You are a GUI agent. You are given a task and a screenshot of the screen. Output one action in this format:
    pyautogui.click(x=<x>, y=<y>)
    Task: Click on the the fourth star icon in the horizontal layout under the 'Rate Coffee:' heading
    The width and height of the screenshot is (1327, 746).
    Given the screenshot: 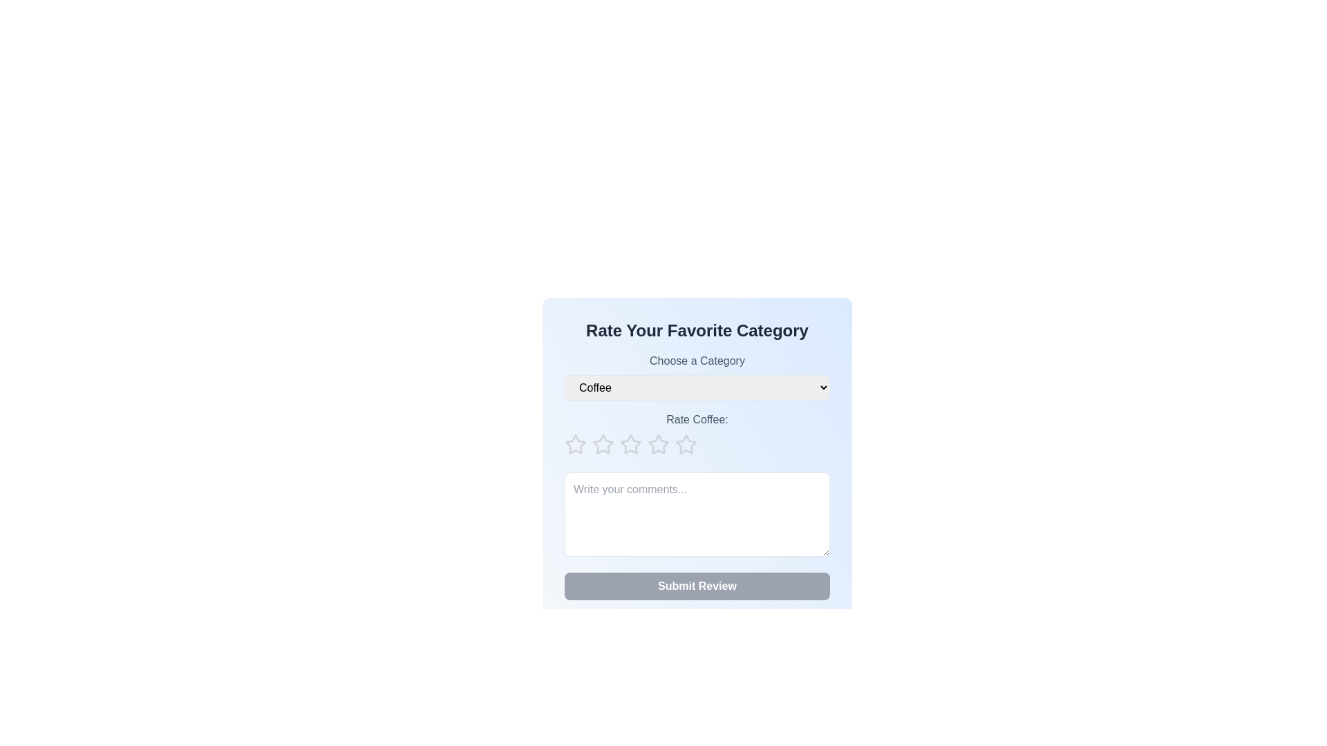 What is the action you would take?
    pyautogui.click(x=686, y=444)
    